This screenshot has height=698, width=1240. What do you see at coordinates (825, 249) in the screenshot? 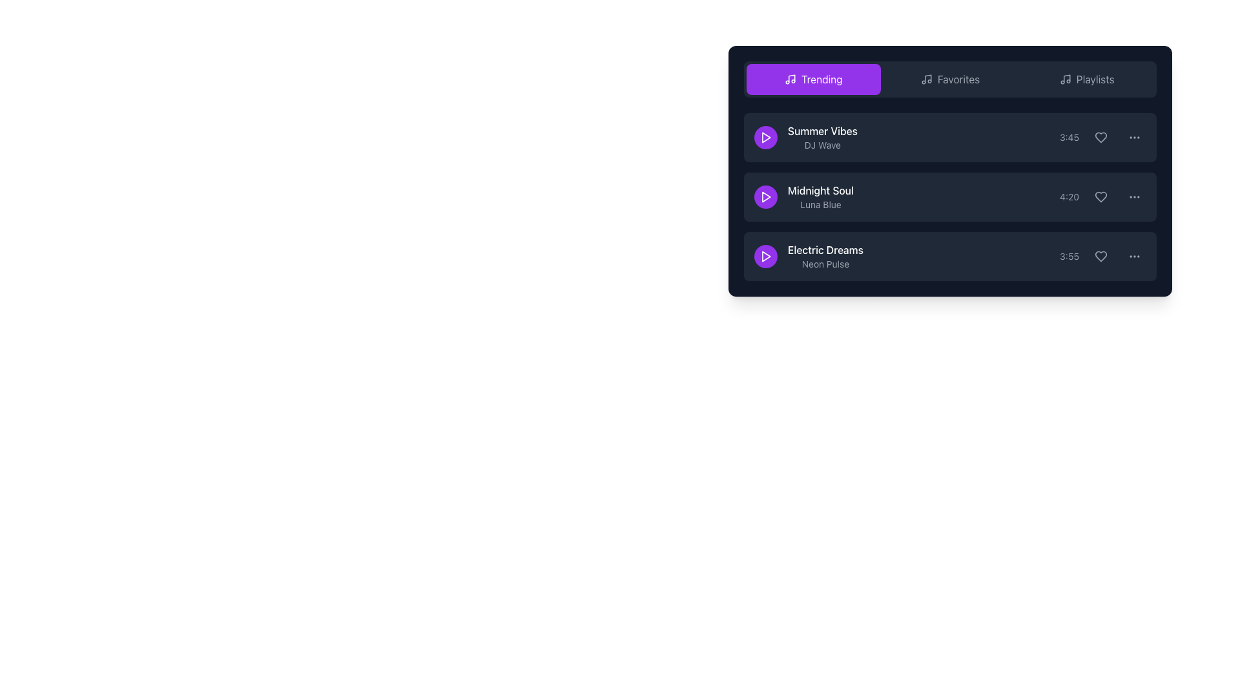
I see `text from the Text Label displaying 'Electric Dreams', which is styled in white font on a dark background, located in the bottom section of the song listing panel above the subtitle 'Neon Pulse'` at bounding box center [825, 249].